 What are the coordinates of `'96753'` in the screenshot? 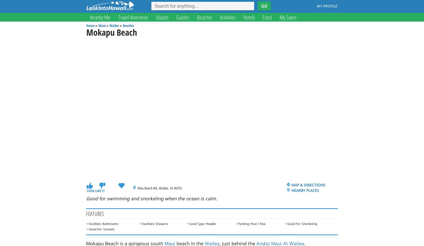 It's located at (178, 188).